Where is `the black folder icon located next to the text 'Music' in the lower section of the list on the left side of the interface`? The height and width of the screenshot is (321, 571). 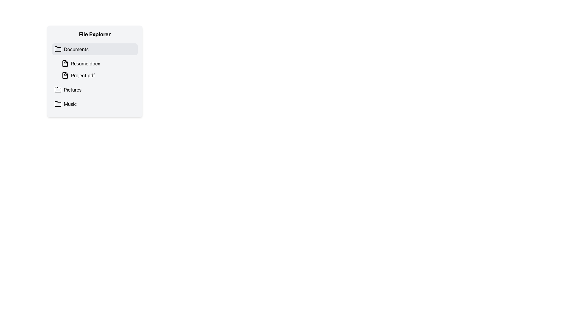 the black folder icon located next to the text 'Music' in the lower section of the list on the left side of the interface is located at coordinates (58, 104).